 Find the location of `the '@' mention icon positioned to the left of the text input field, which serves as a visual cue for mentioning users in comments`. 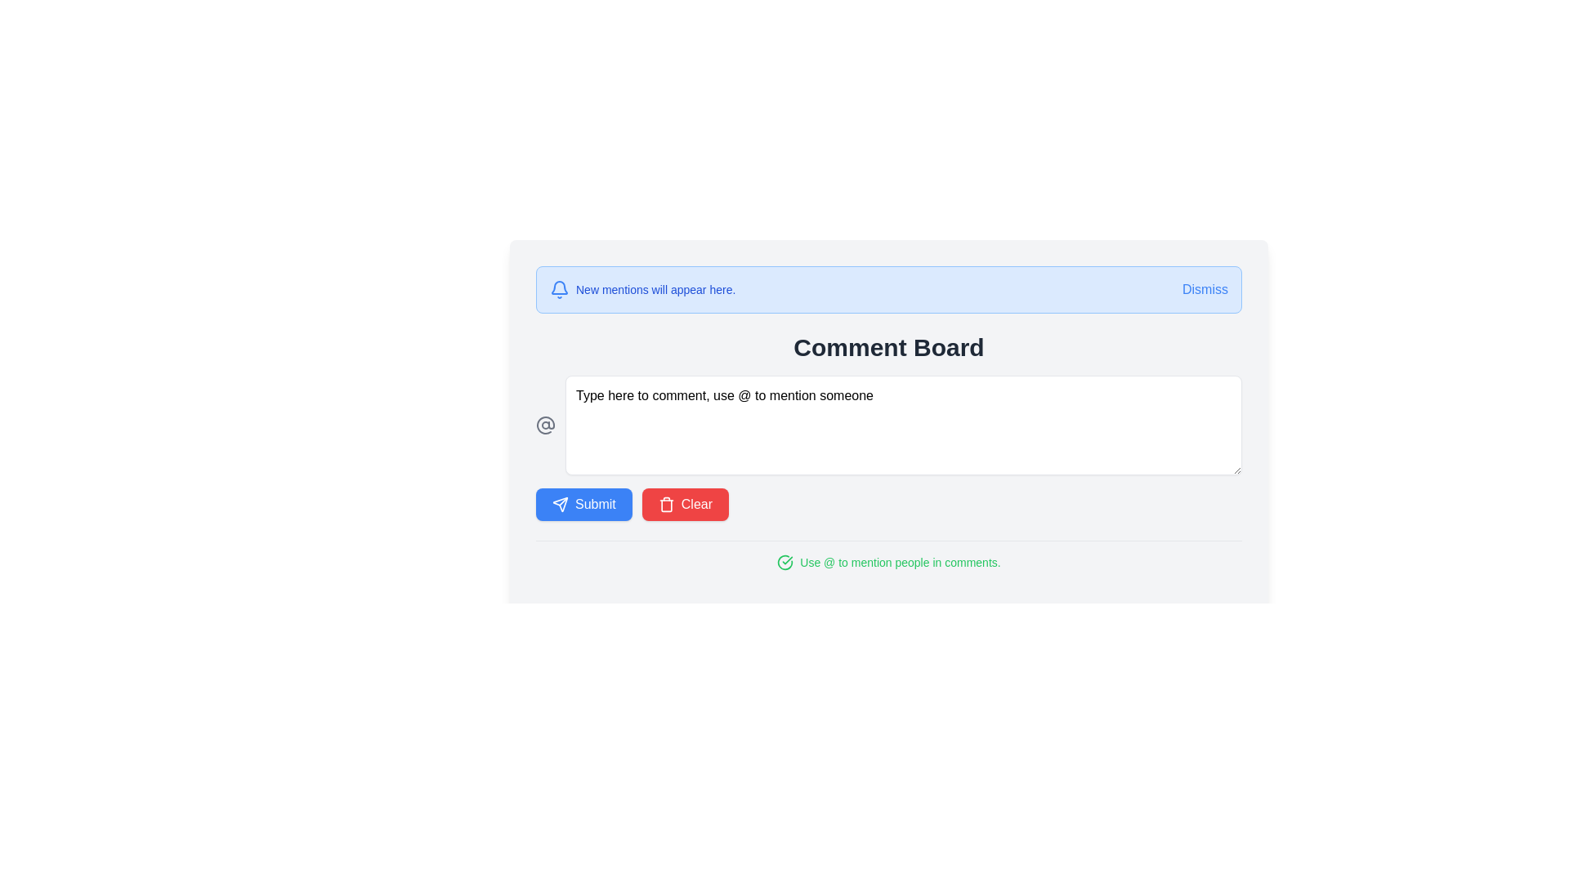

the '@' mention icon positioned to the left of the text input field, which serves as a visual cue for mentioning users in comments is located at coordinates (545, 424).